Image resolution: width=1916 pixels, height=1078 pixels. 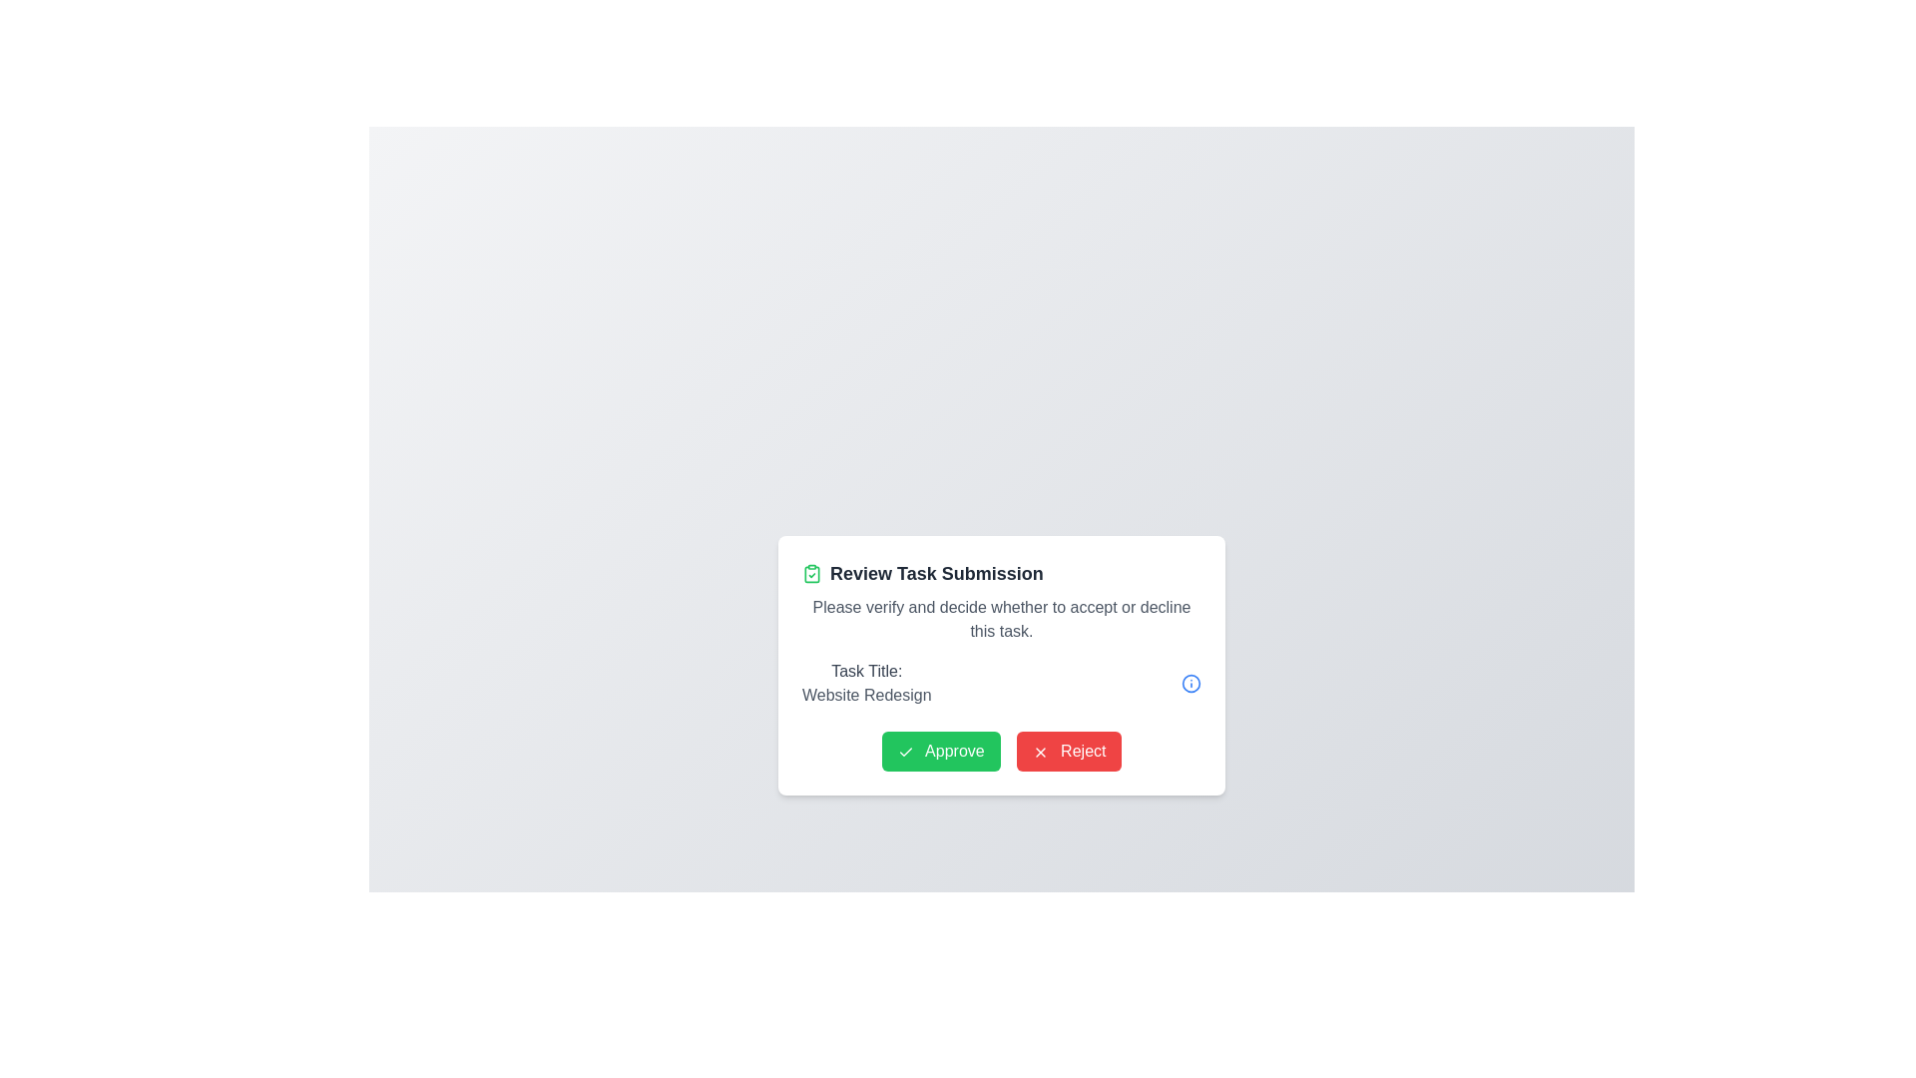 What do you see at coordinates (1039, 752) in the screenshot?
I see `the 'X' icon within the red rectangular button labeled 'Reject' at the bottom-right section of the modal` at bounding box center [1039, 752].